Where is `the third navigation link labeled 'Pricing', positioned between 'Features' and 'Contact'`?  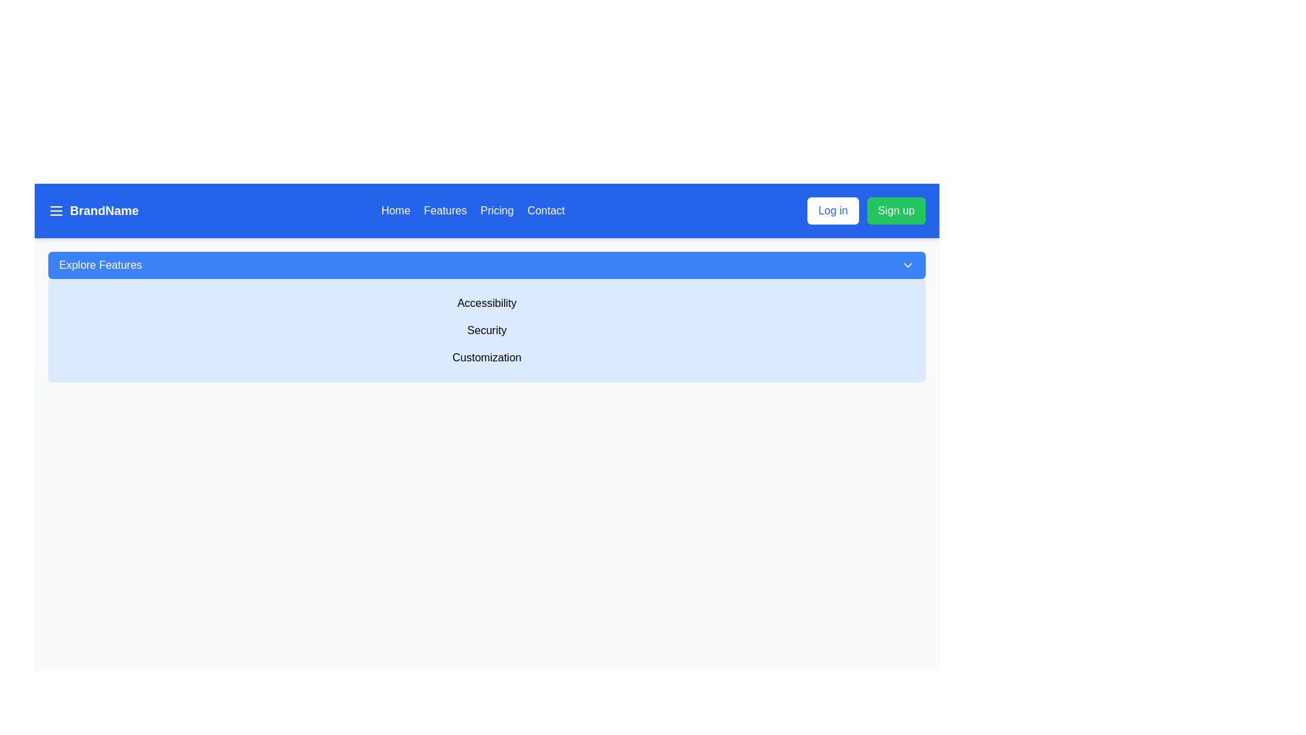 the third navigation link labeled 'Pricing', positioned between 'Features' and 'Contact' is located at coordinates (496, 210).